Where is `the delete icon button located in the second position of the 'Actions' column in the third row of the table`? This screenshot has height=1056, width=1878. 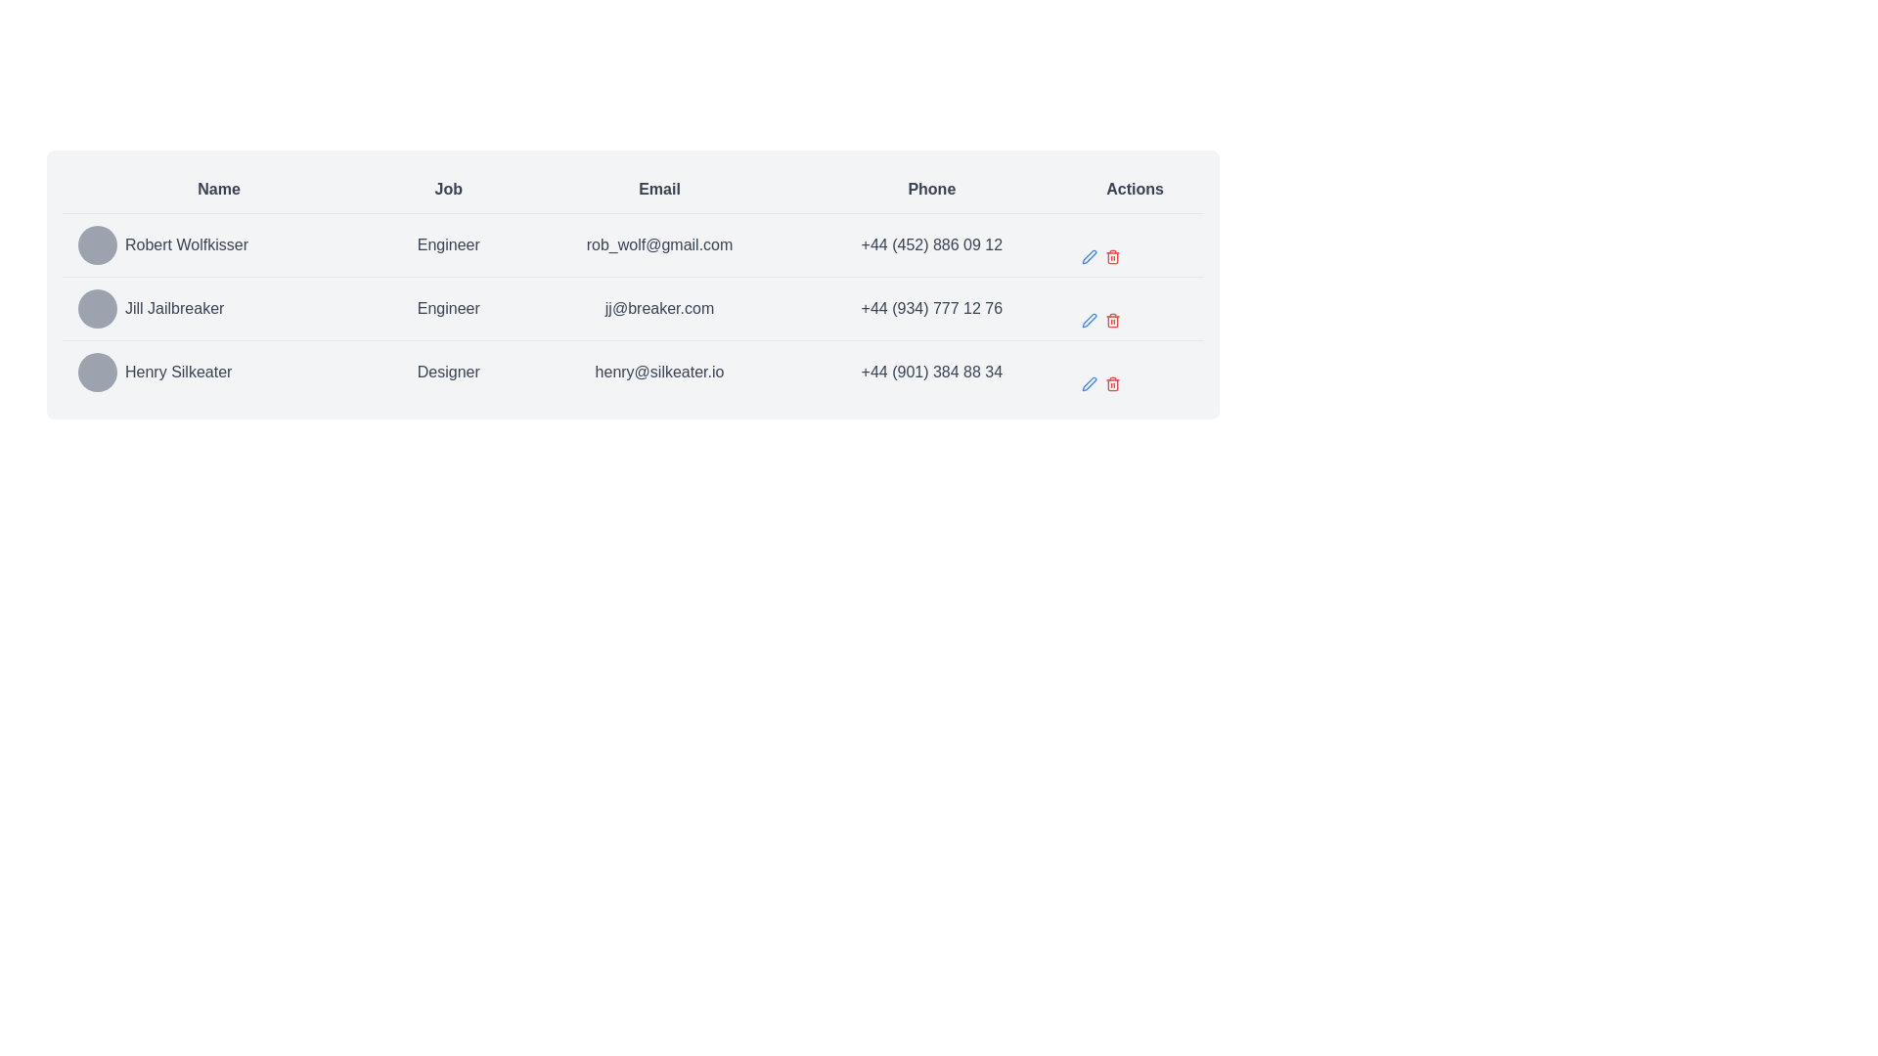 the delete icon button located in the second position of the 'Actions' column in the third row of the table is located at coordinates (1112, 384).